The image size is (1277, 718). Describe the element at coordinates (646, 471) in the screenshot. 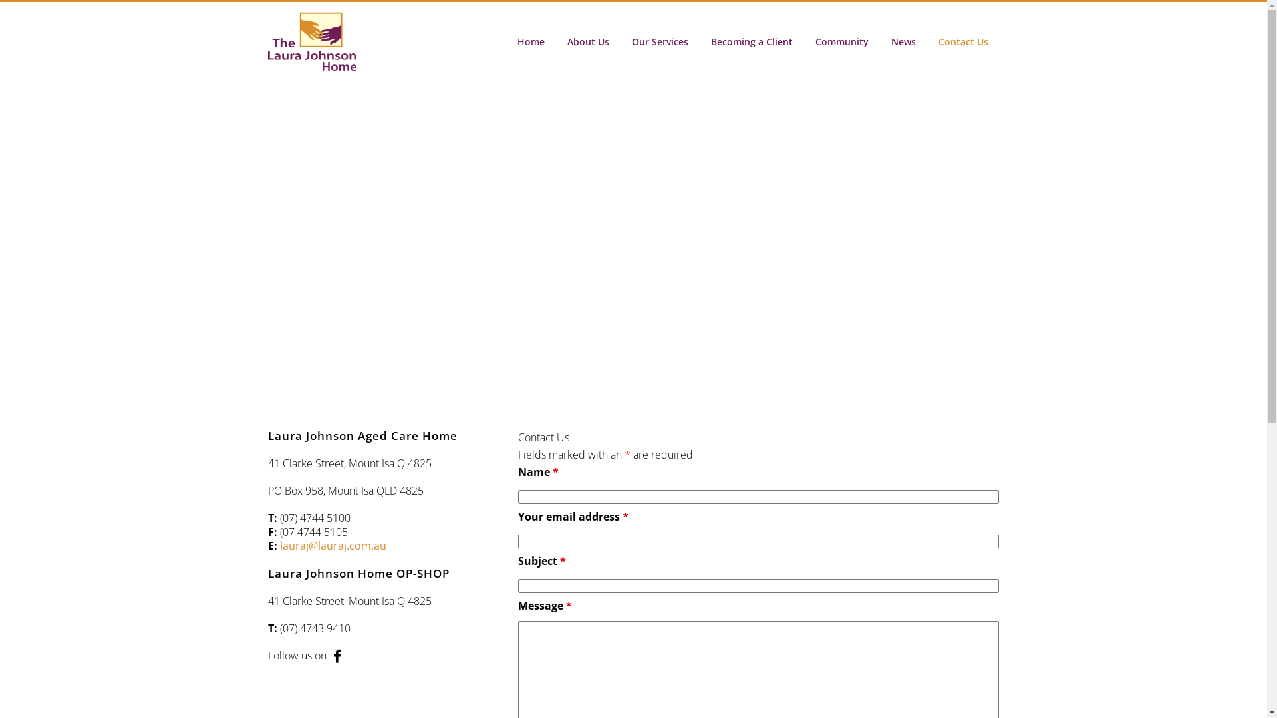

I see `'Our Services'` at that location.